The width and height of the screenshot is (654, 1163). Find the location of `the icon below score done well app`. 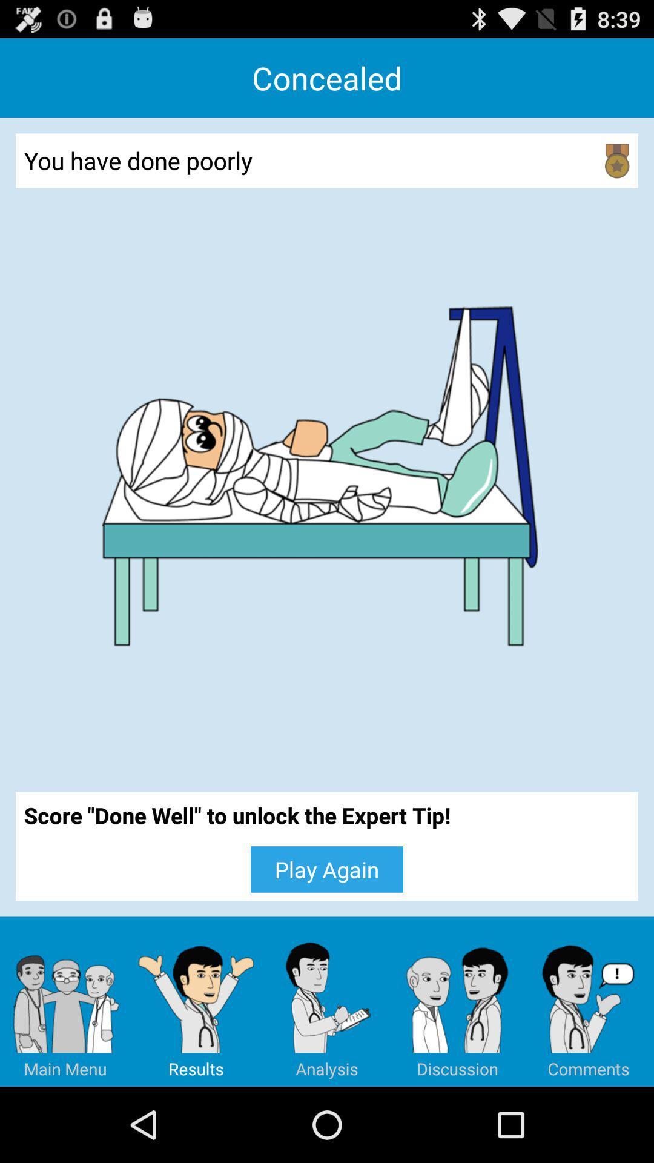

the icon below score done well app is located at coordinates (327, 869).